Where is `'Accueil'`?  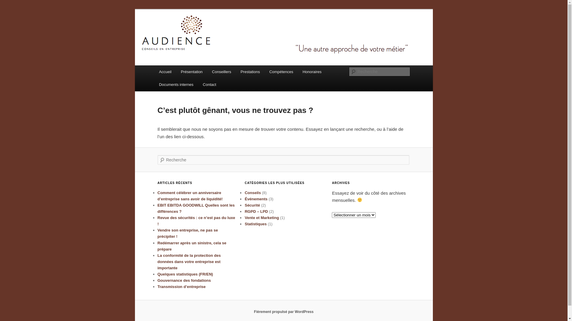 'Accueil' is located at coordinates (165, 71).